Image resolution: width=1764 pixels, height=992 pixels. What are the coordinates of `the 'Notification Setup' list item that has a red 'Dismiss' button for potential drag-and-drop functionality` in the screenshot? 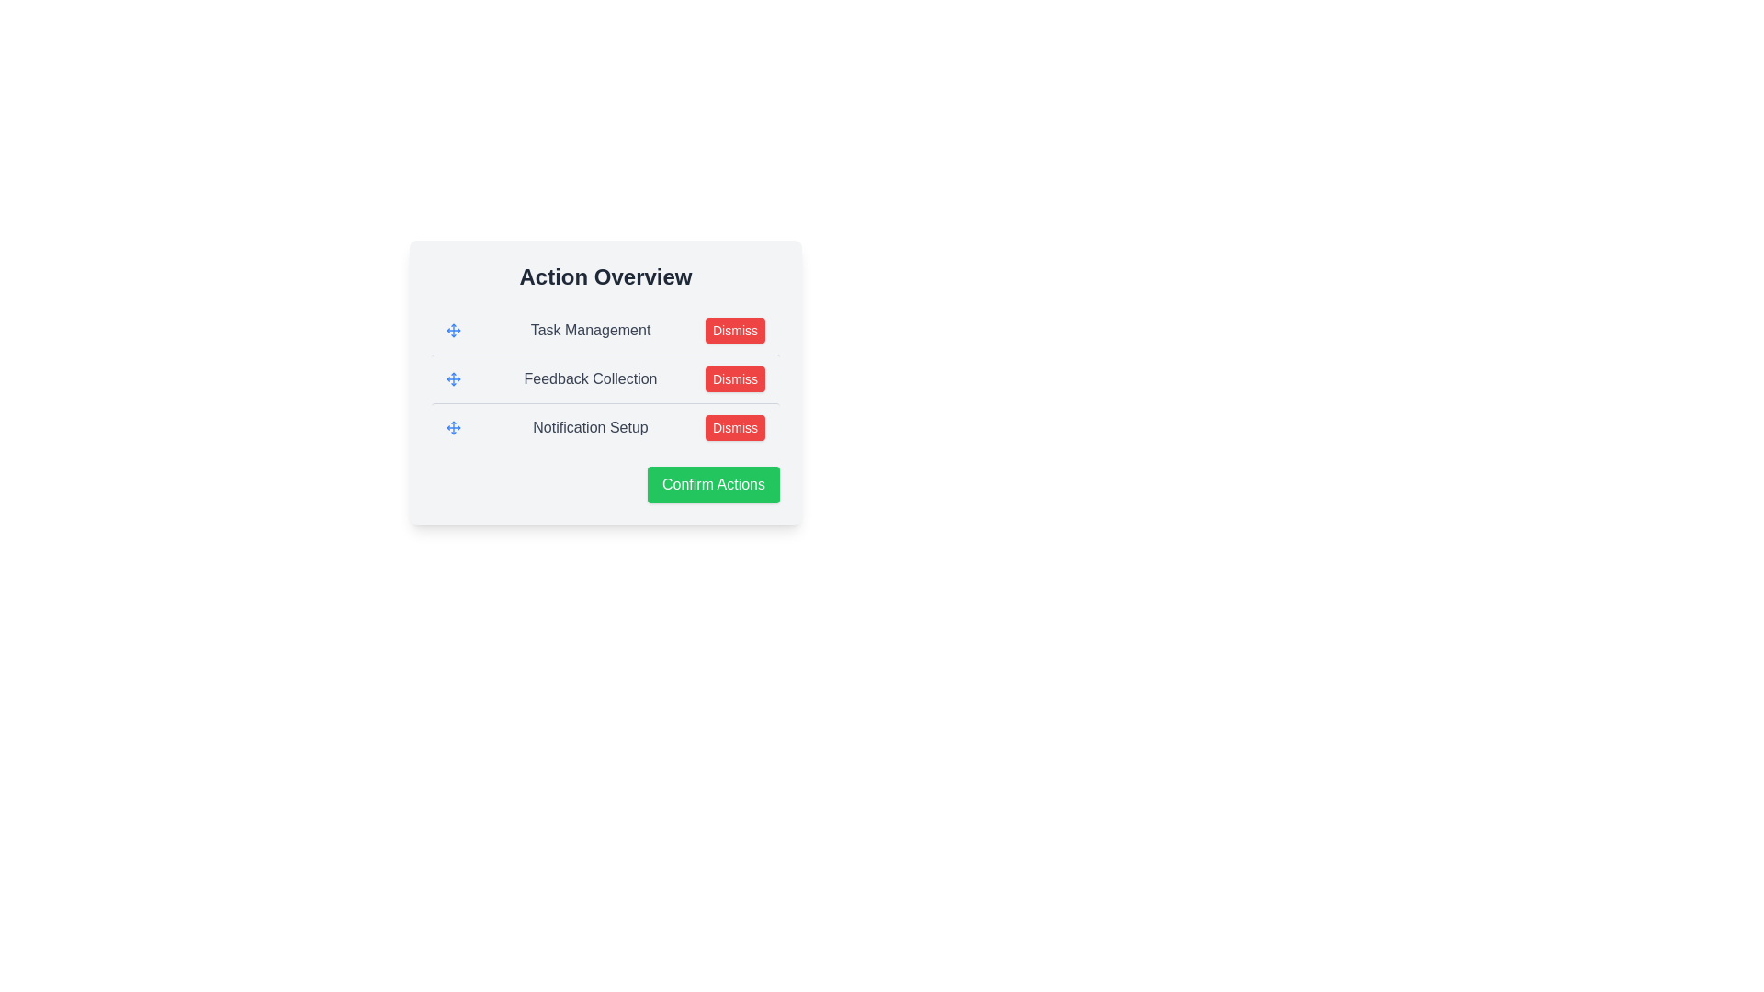 It's located at (605, 427).